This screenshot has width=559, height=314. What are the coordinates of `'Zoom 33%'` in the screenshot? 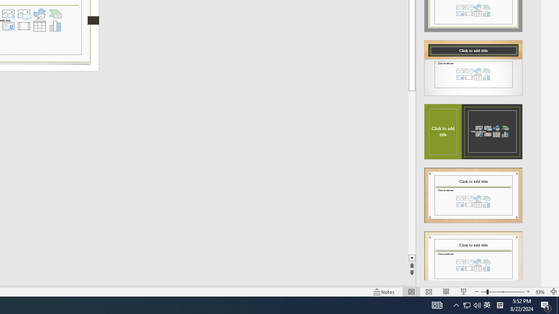 It's located at (540, 292).